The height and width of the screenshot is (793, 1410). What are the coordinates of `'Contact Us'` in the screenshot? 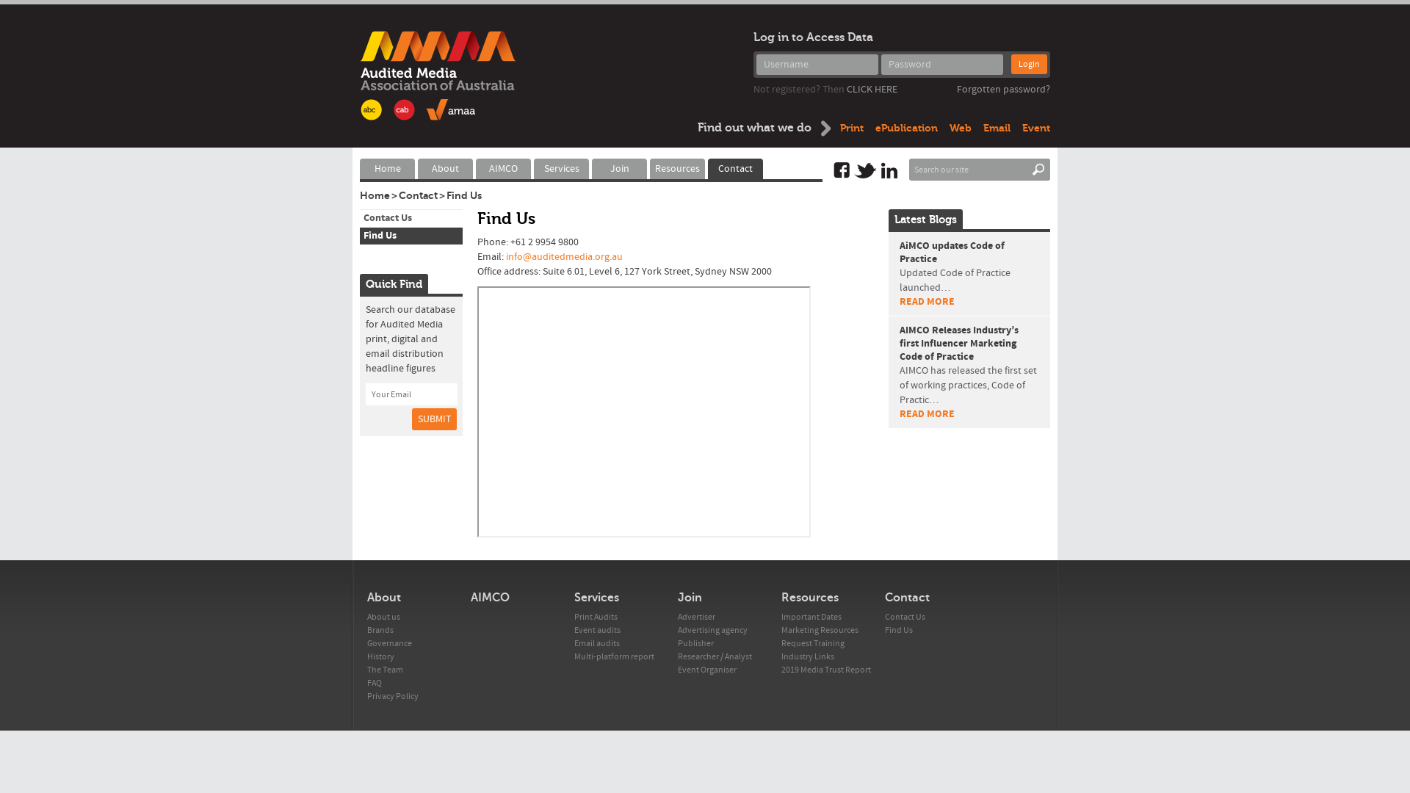 It's located at (359, 218).